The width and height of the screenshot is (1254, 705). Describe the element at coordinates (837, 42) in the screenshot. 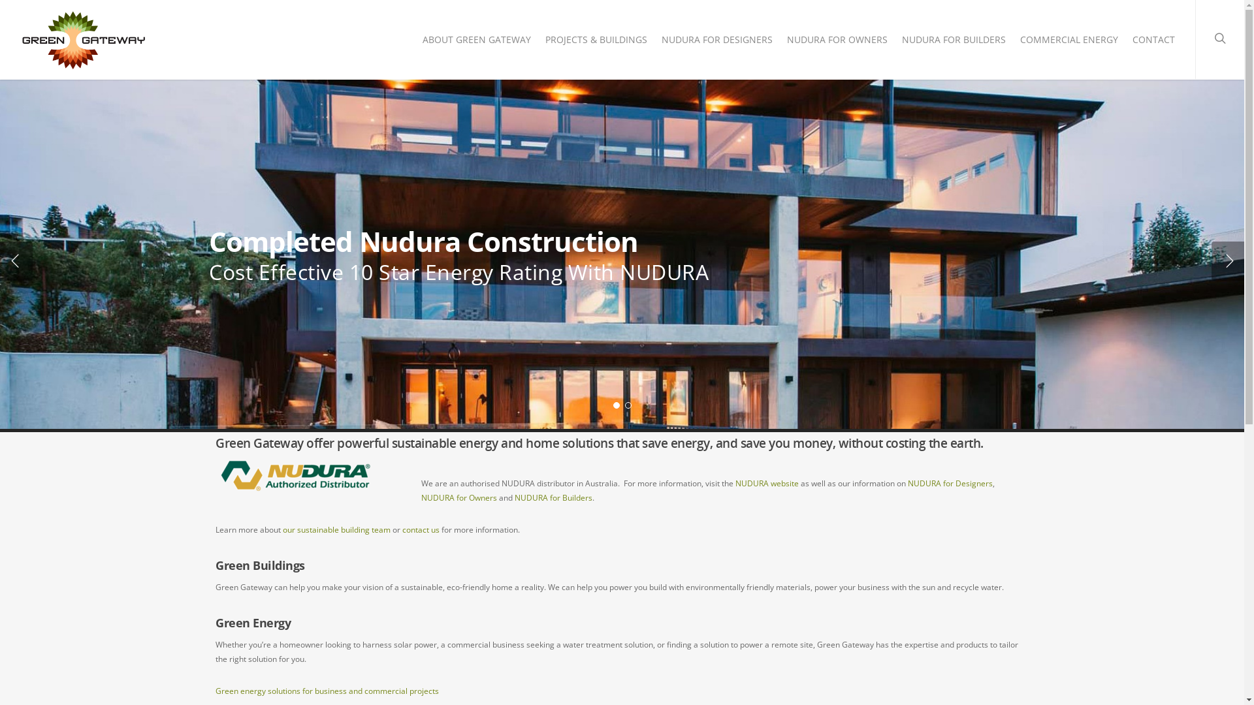

I see `'NUDURA FOR OWNERS'` at that location.